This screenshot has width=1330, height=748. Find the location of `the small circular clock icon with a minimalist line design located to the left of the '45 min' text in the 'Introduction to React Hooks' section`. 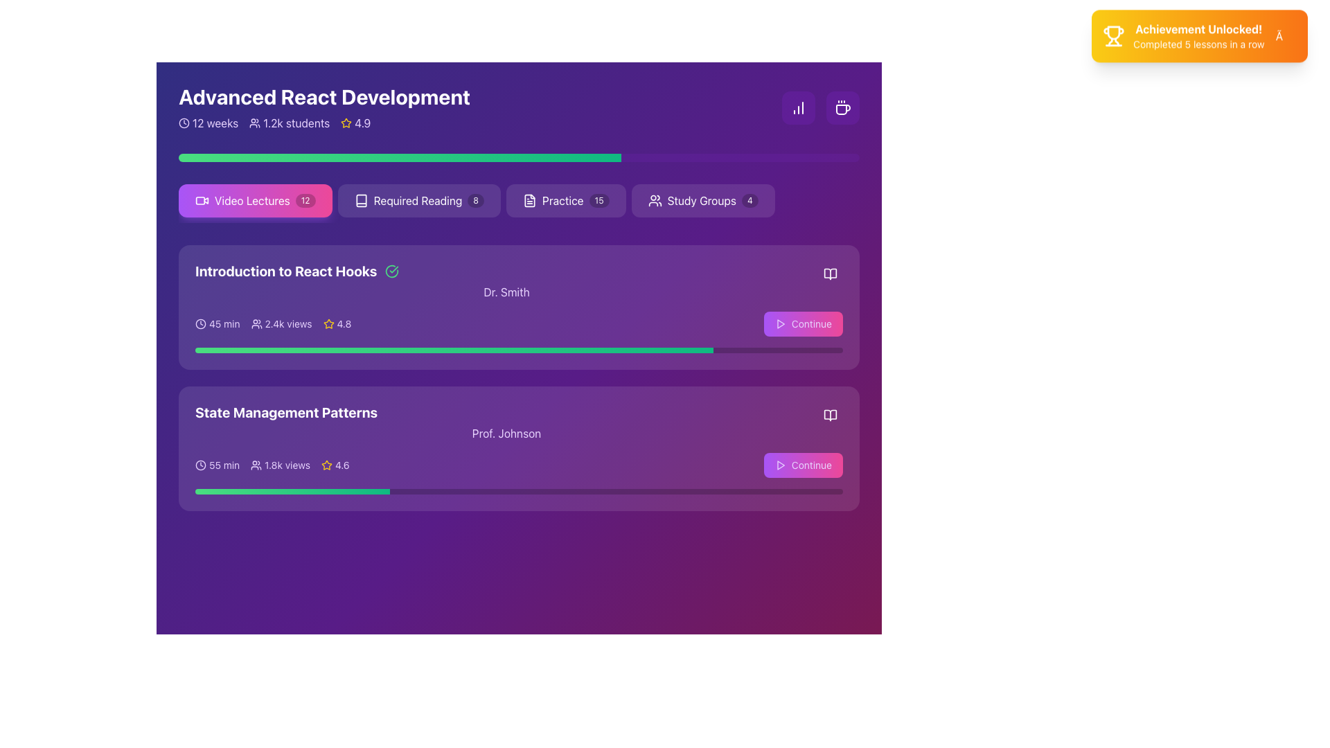

the small circular clock icon with a minimalist line design located to the left of the '45 min' text in the 'Introduction to React Hooks' section is located at coordinates (199, 323).